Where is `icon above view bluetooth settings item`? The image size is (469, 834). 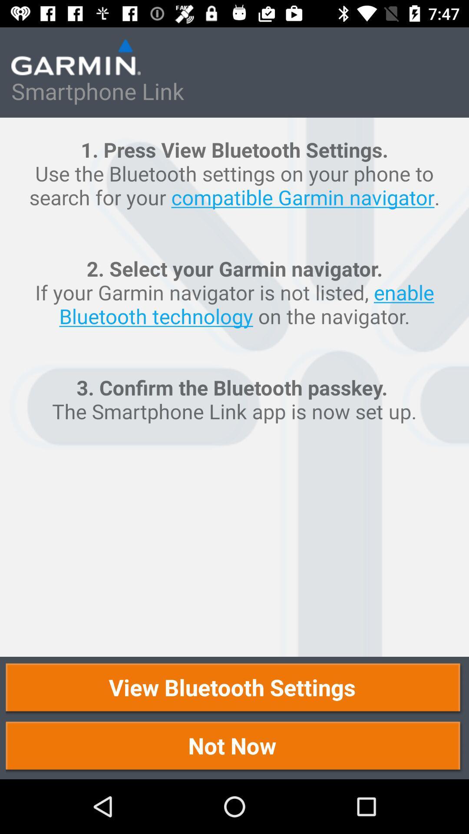 icon above view bluetooth settings item is located at coordinates (234, 387).